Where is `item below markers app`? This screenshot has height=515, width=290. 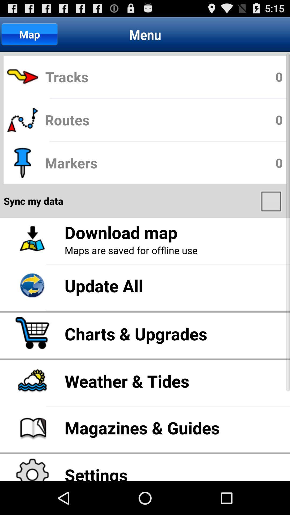
item below markers app is located at coordinates (272, 201).